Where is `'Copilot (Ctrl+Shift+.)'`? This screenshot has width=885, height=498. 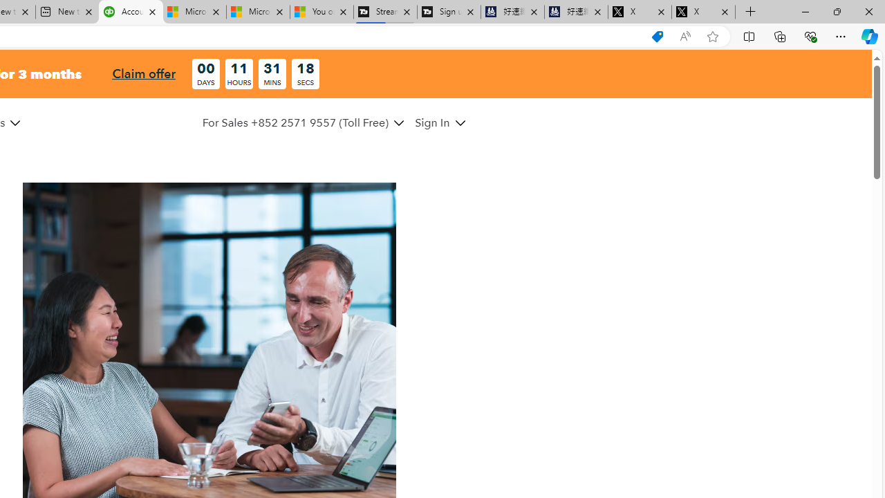 'Copilot (Ctrl+Shift+.)' is located at coordinates (869, 35).